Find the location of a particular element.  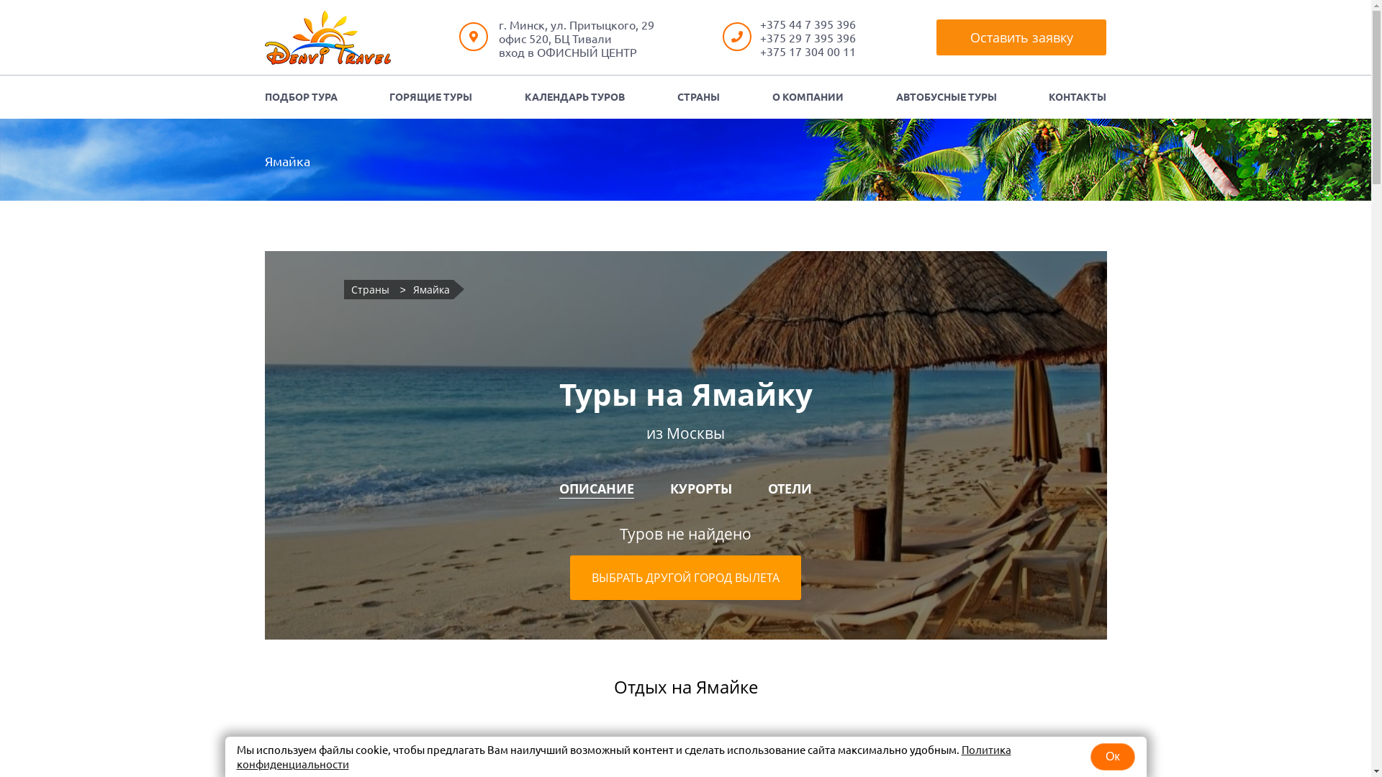

'+375 17 304 00 11' is located at coordinates (759, 50).